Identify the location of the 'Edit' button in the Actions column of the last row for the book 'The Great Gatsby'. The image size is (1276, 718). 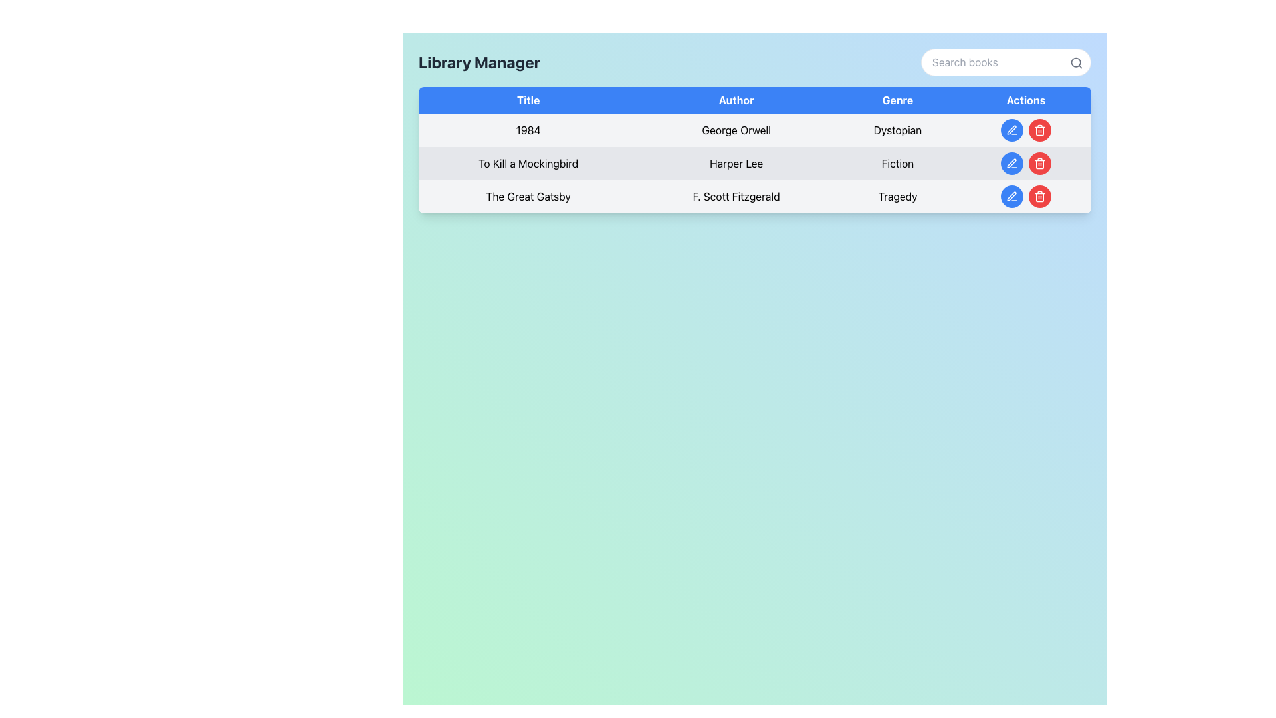
(1011, 197).